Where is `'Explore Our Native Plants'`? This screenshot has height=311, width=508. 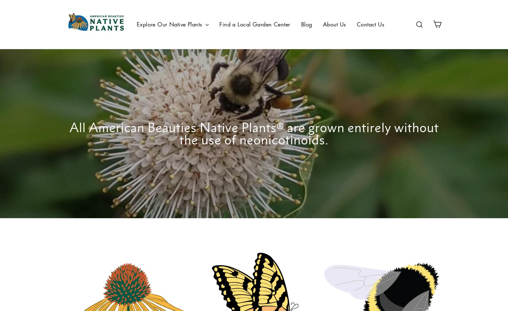
'Explore Our Native Plants' is located at coordinates (170, 24).